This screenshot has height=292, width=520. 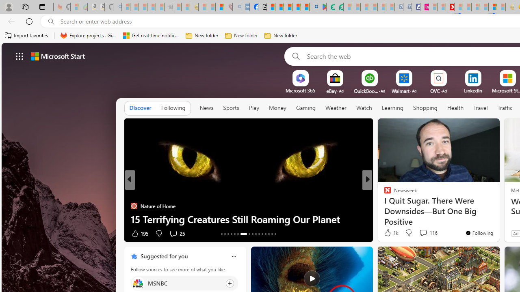 I want to click on 'Recipes - MSN - Sleeping', so click(x=203, y=7).